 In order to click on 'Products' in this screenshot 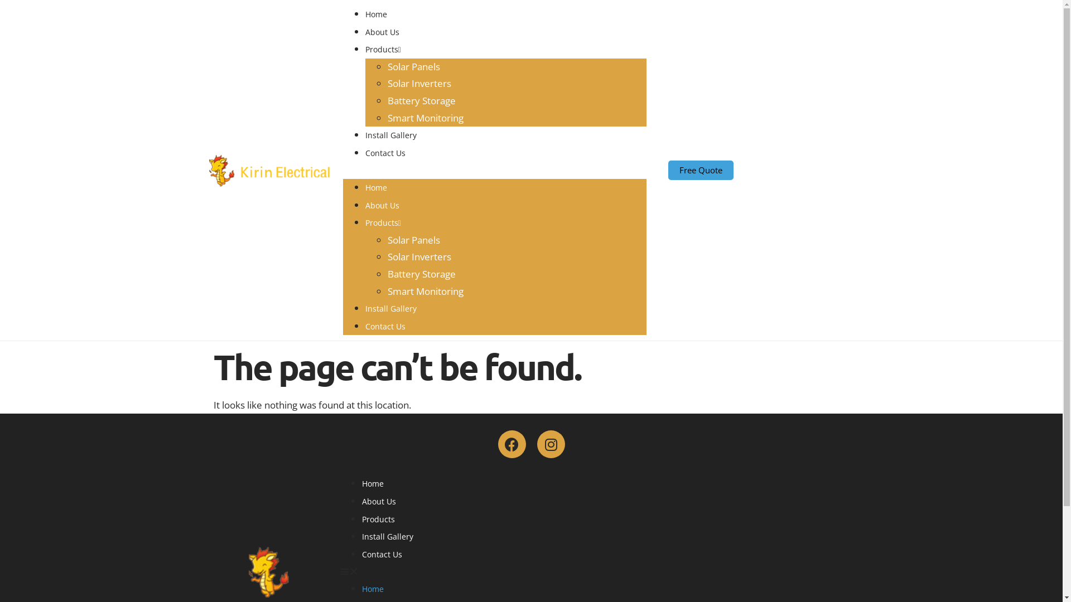, I will do `click(383, 48)`.